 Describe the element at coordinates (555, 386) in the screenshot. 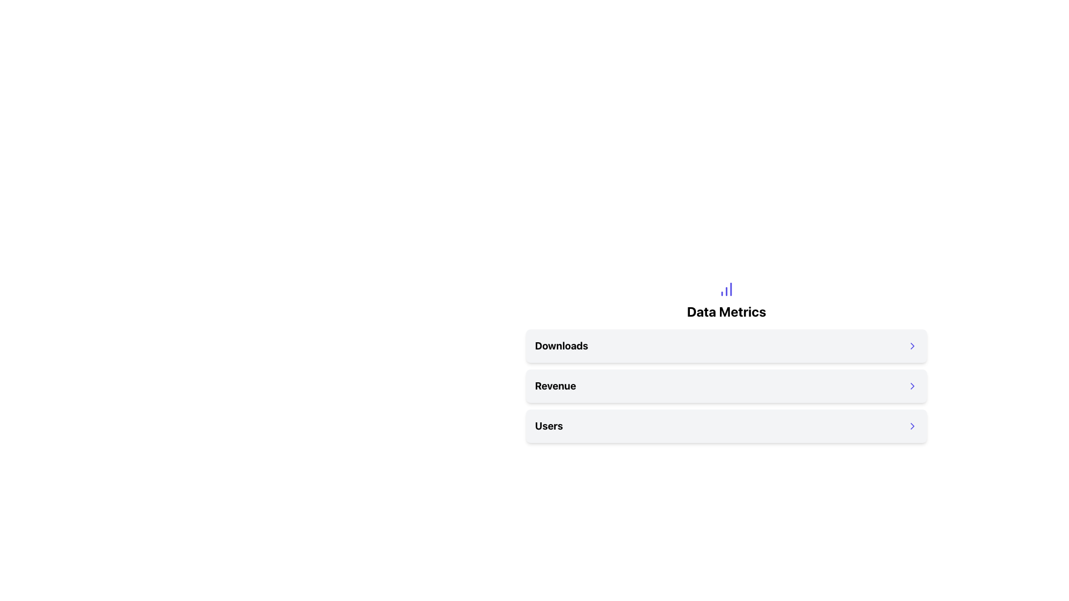

I see `the 'Revenue' Text Label, which is the second item in a vertical list of three items, positioned between 'Downloads' and 'Users'` at that location.